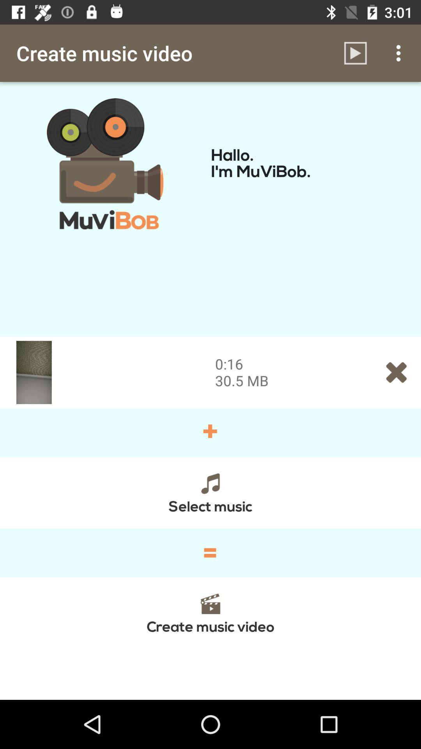 Image resolution: width=421 pixels, height=749 pixels. Describe the element at coordinates (355, 53) in the screenshot. I see `icon to the right of create music video icon` at that location.